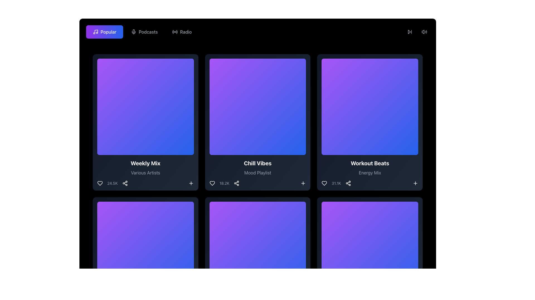  What do you see at coordinates (191, 183) in the screenshot?
I see `the '+' icon button located at the bottom-right corner of the 'Weekly Mix' card` at bounding box center [191, 183].